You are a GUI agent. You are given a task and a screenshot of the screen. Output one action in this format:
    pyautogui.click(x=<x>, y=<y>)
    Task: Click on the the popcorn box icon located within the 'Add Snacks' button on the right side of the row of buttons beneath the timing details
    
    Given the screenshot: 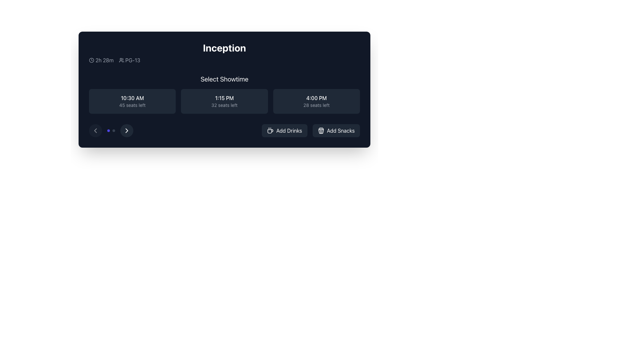 What is the action you would take?
    pyautogui.click(x=321, y=131)
    